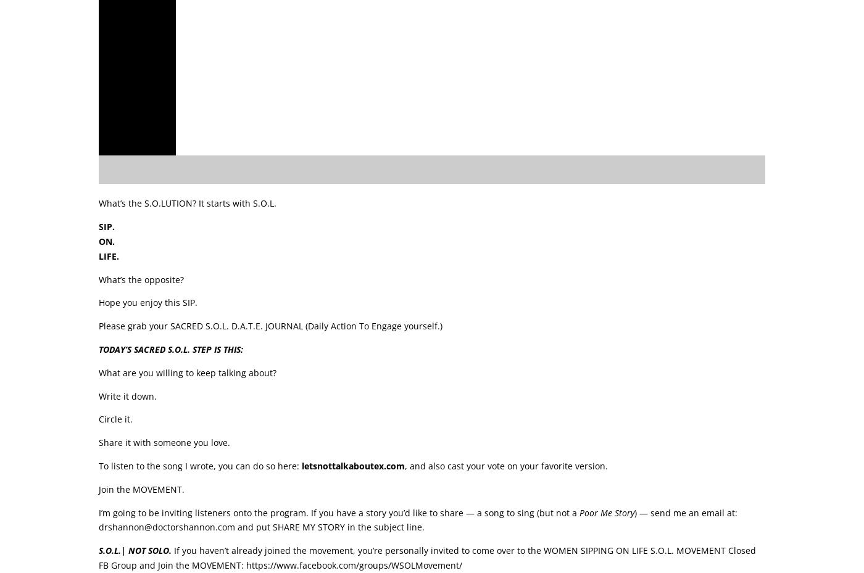 The height and width of the screenshot is (573, 864). I want to click on 'SIP.', so click(107, 226).